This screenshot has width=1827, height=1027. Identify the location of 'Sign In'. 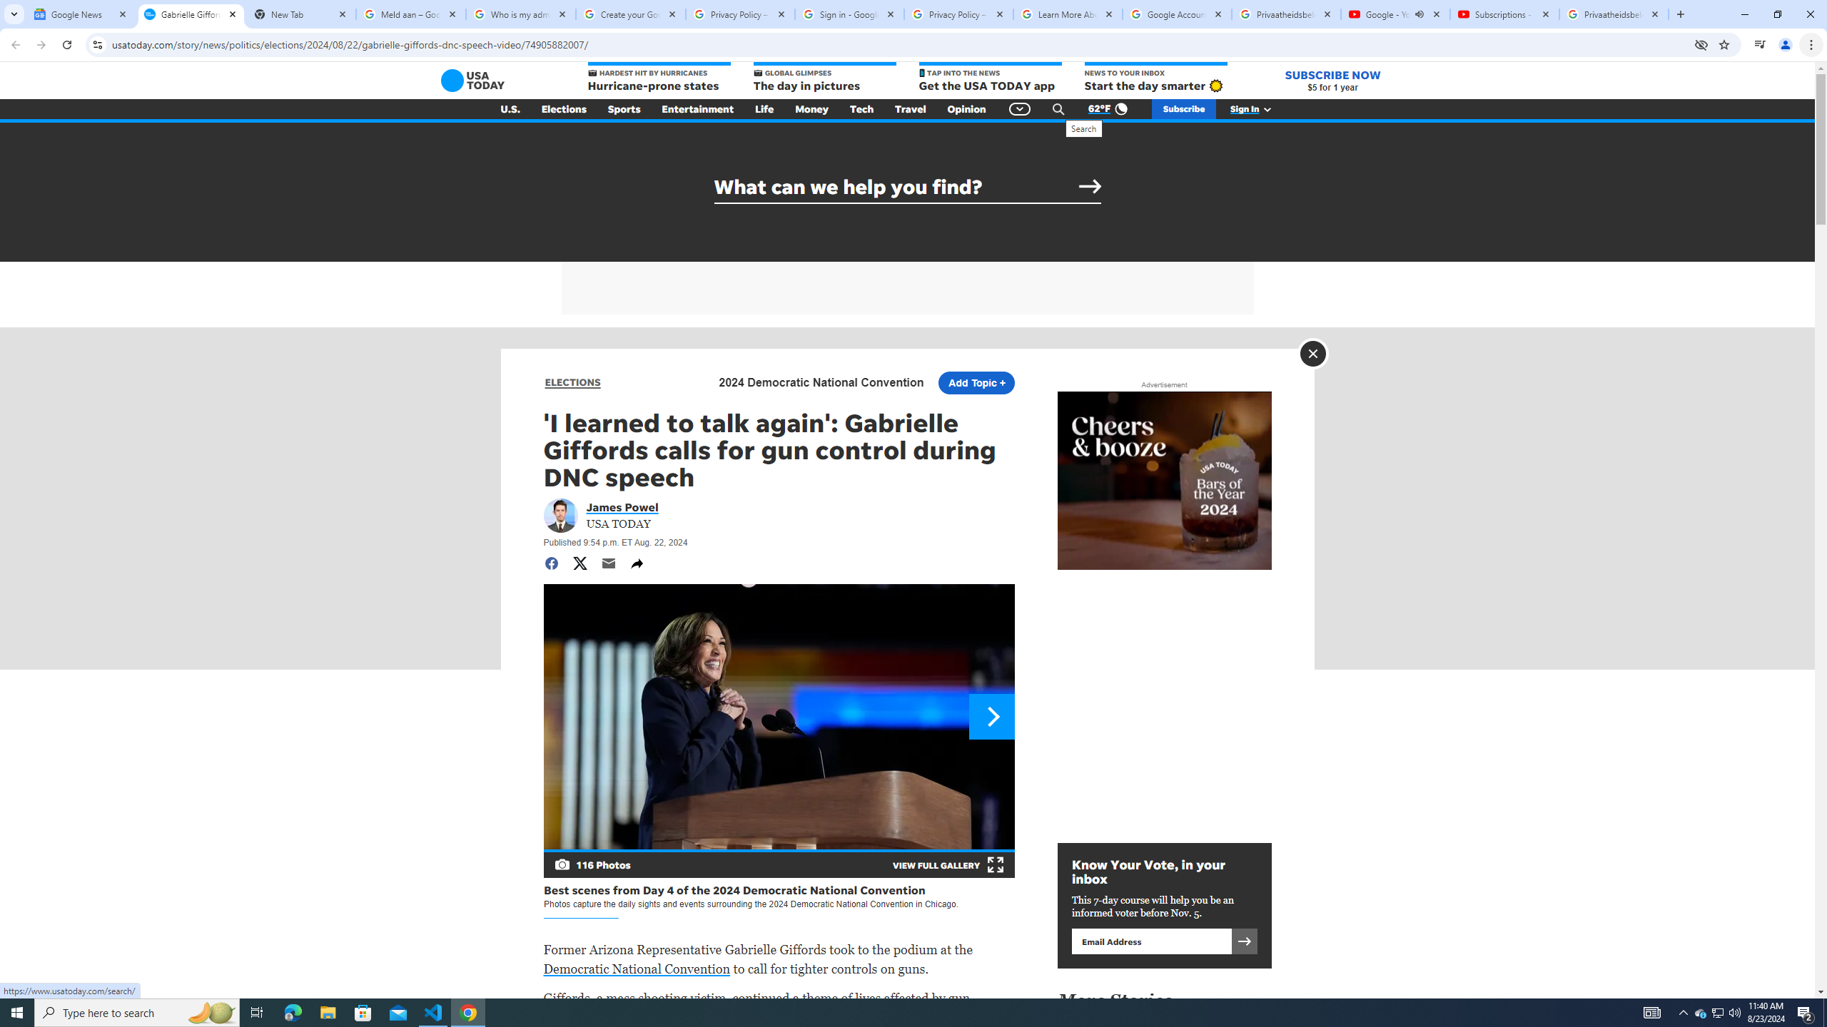
(1257, 109).